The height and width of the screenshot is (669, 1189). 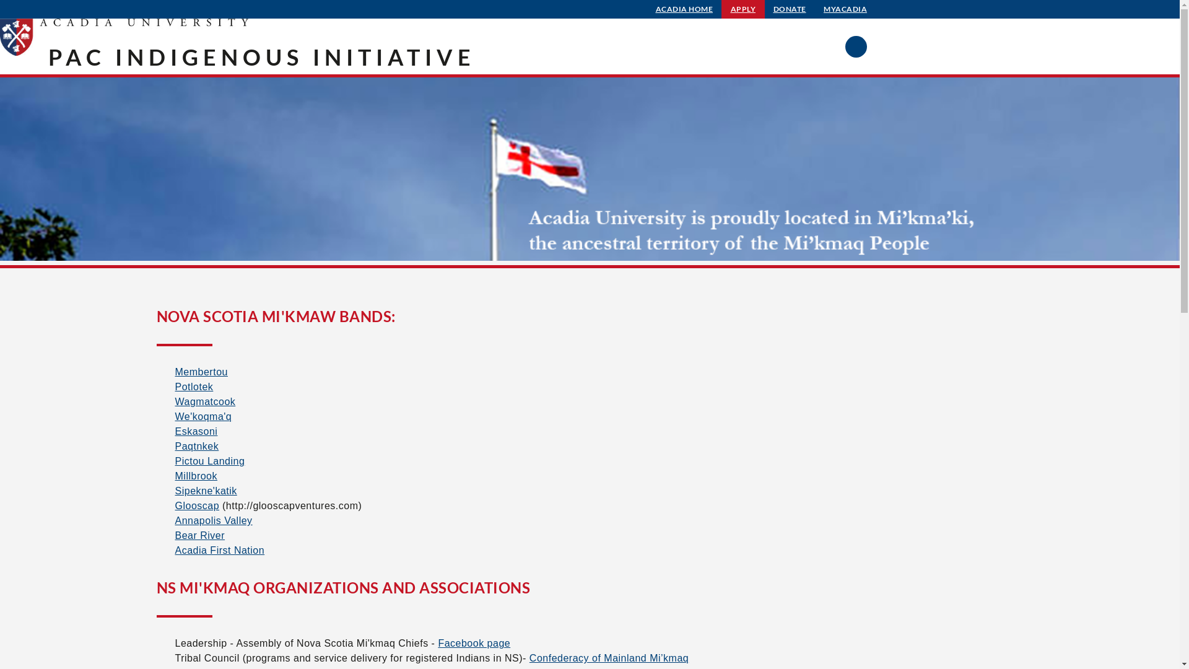 I want to click on 'Acadia First Nation', so click(x=219, y=549).